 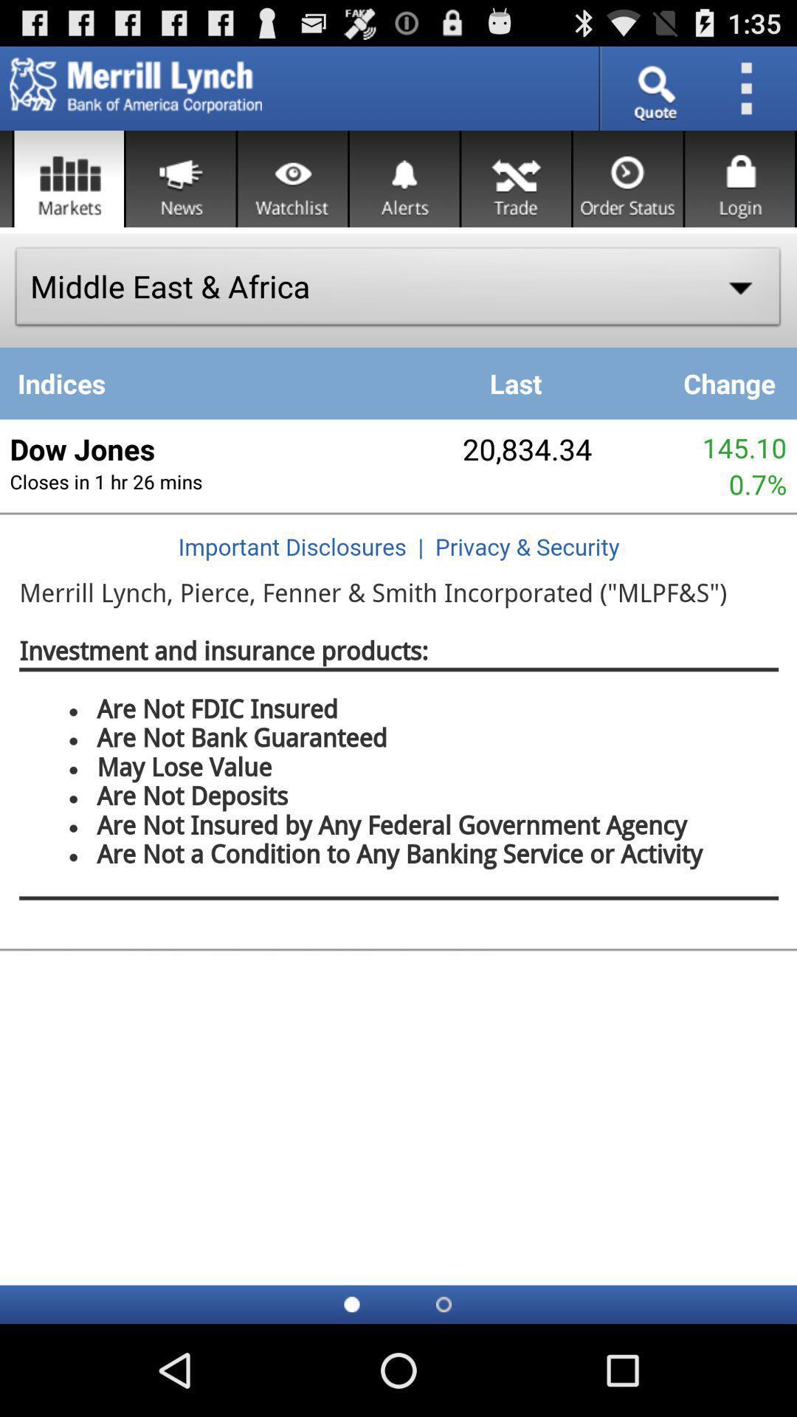 What do you see at coordinates (739, 190) in the screenshot?
I see `the lock icon` at bounding box center [739, 190].